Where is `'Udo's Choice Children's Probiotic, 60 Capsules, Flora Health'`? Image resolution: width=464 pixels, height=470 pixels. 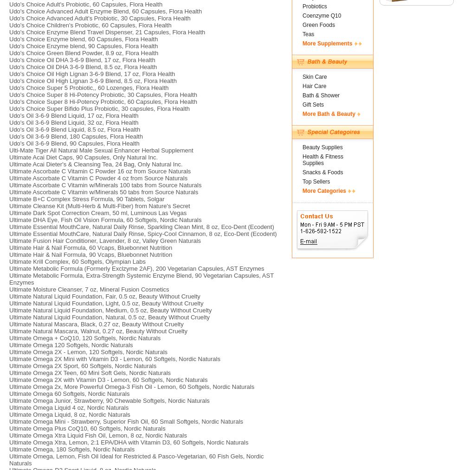 'Udo's Choice Children's Probiotic, 60 Capsules, Flora Health' is located at coordinates (90, 25).